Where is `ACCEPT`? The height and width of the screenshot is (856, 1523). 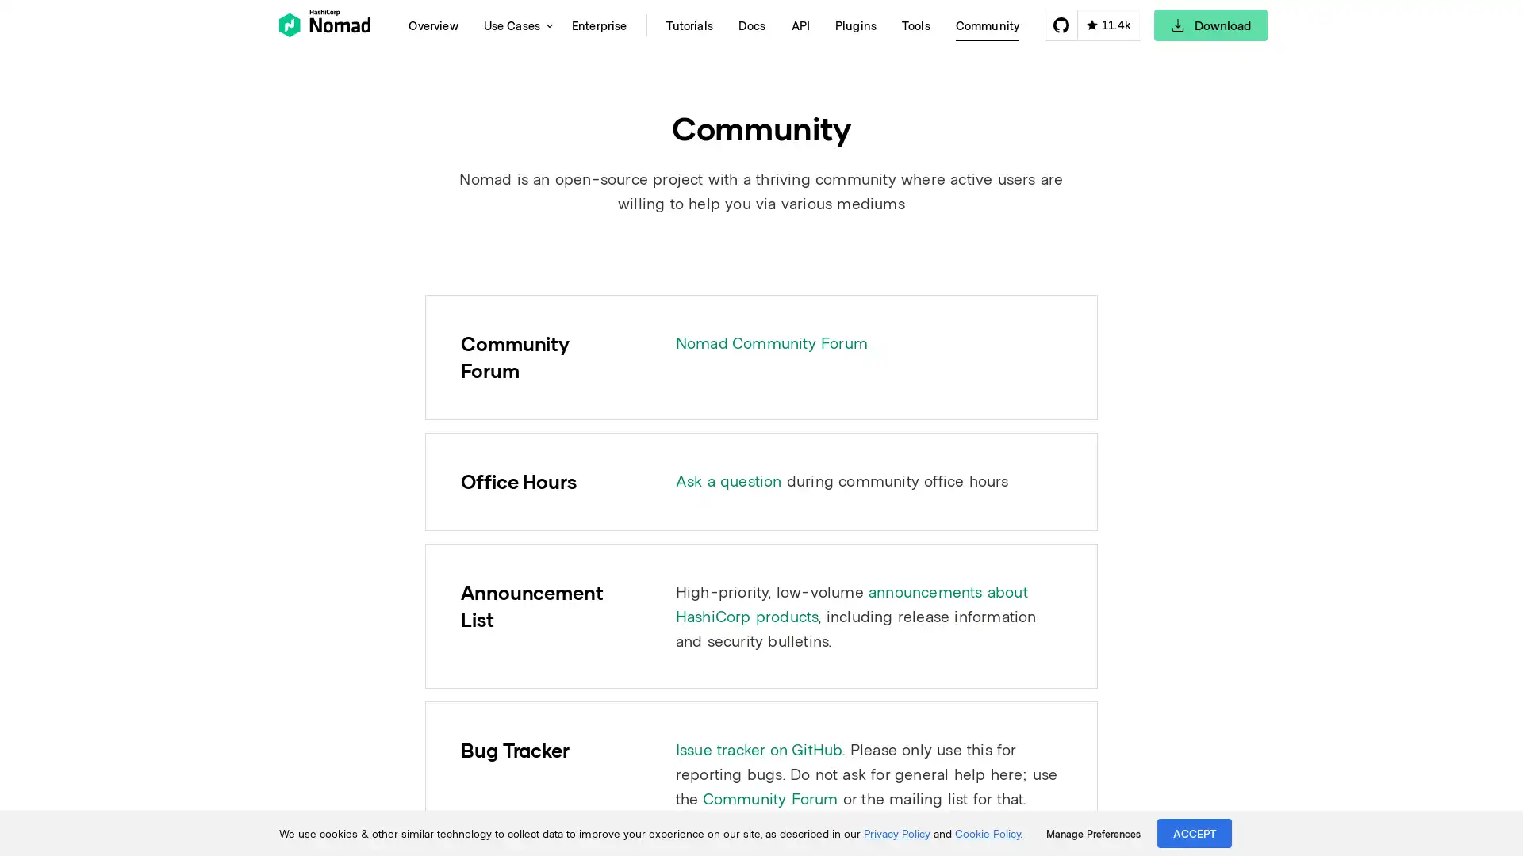 ACCEPT is located at coordinates (1195, 832).